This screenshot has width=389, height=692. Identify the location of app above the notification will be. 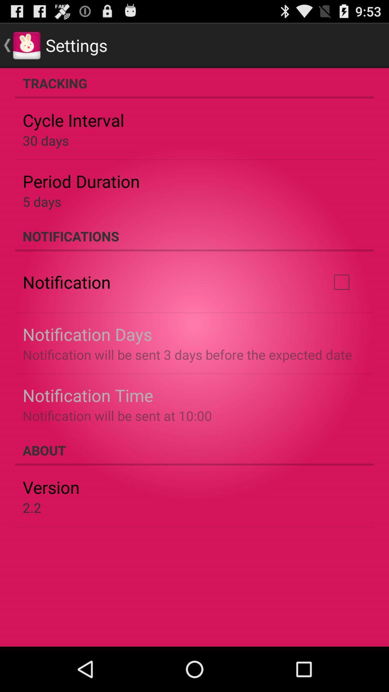
(88, 395).